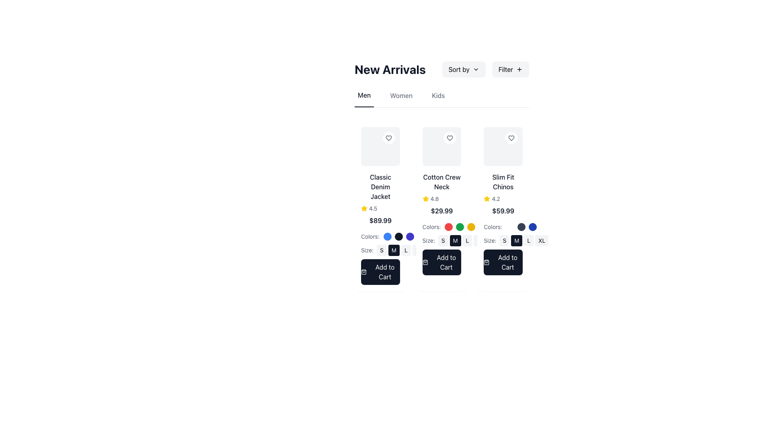 This screenshot has width=772, height=434. I want to click on the 'Add to Cart' button with a dark background and white text, located below the product information for 'Slim Fit Chinos', so click(503, 262).